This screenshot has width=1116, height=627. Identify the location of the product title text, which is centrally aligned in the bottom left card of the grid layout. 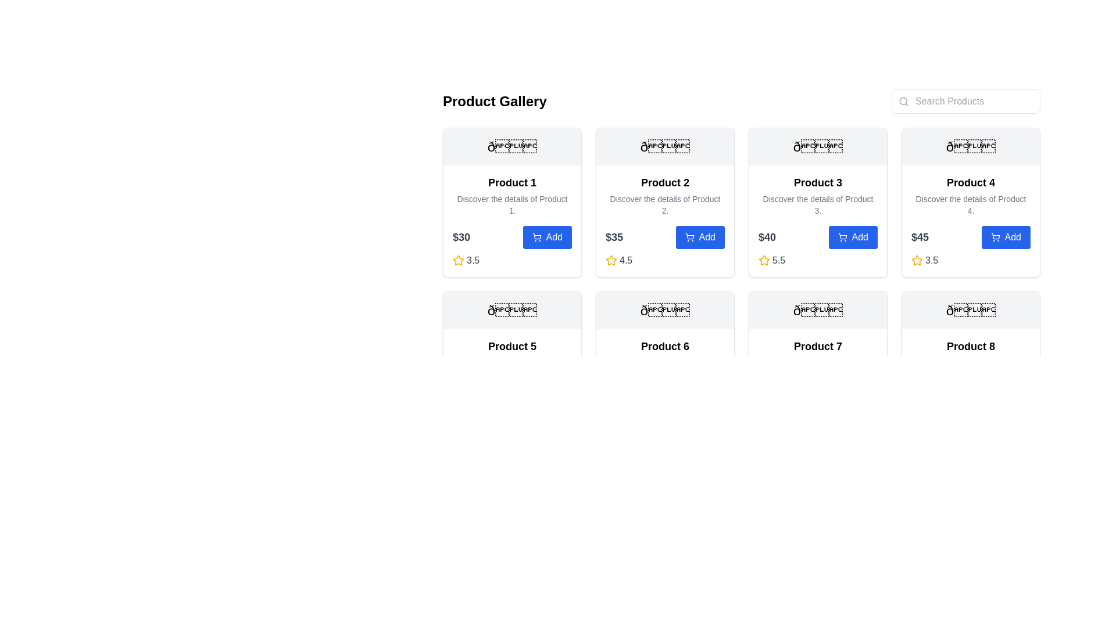
(817, 346).